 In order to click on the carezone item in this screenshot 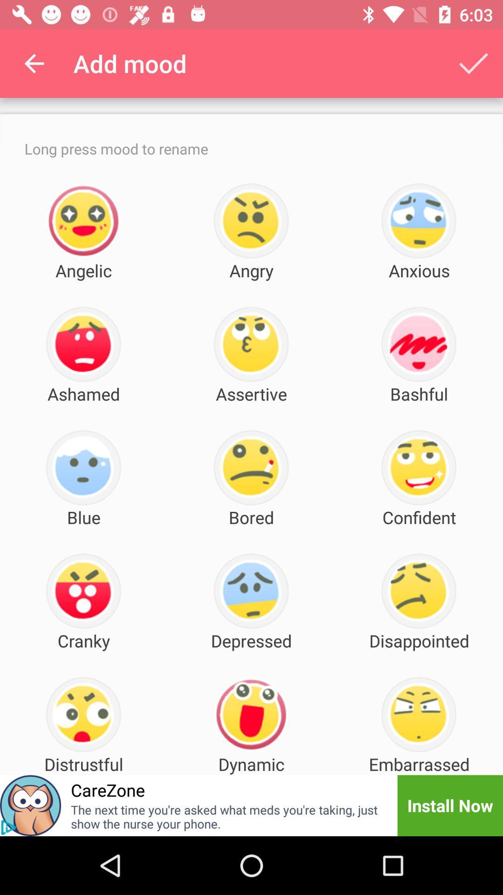, I will do `click(107, 789)`.